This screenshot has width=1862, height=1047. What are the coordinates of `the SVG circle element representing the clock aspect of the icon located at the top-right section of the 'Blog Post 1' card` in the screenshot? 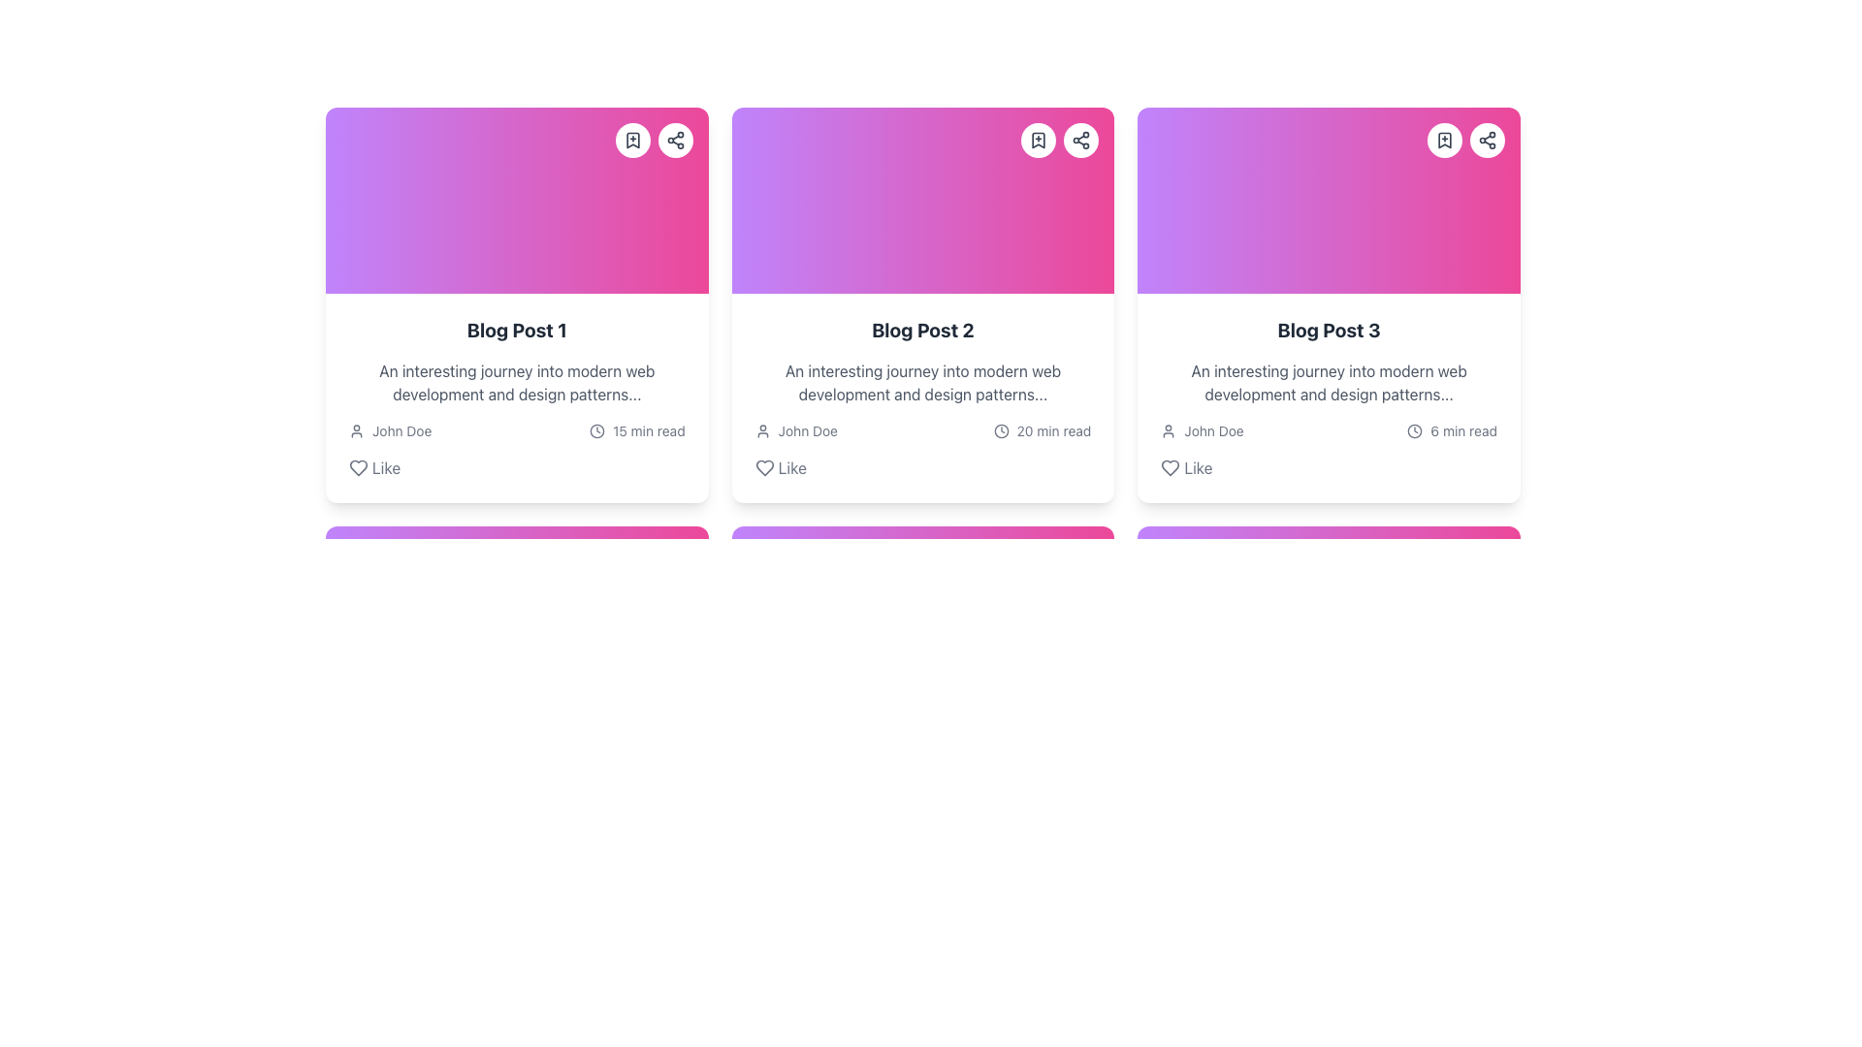 It's located at (595, 429).